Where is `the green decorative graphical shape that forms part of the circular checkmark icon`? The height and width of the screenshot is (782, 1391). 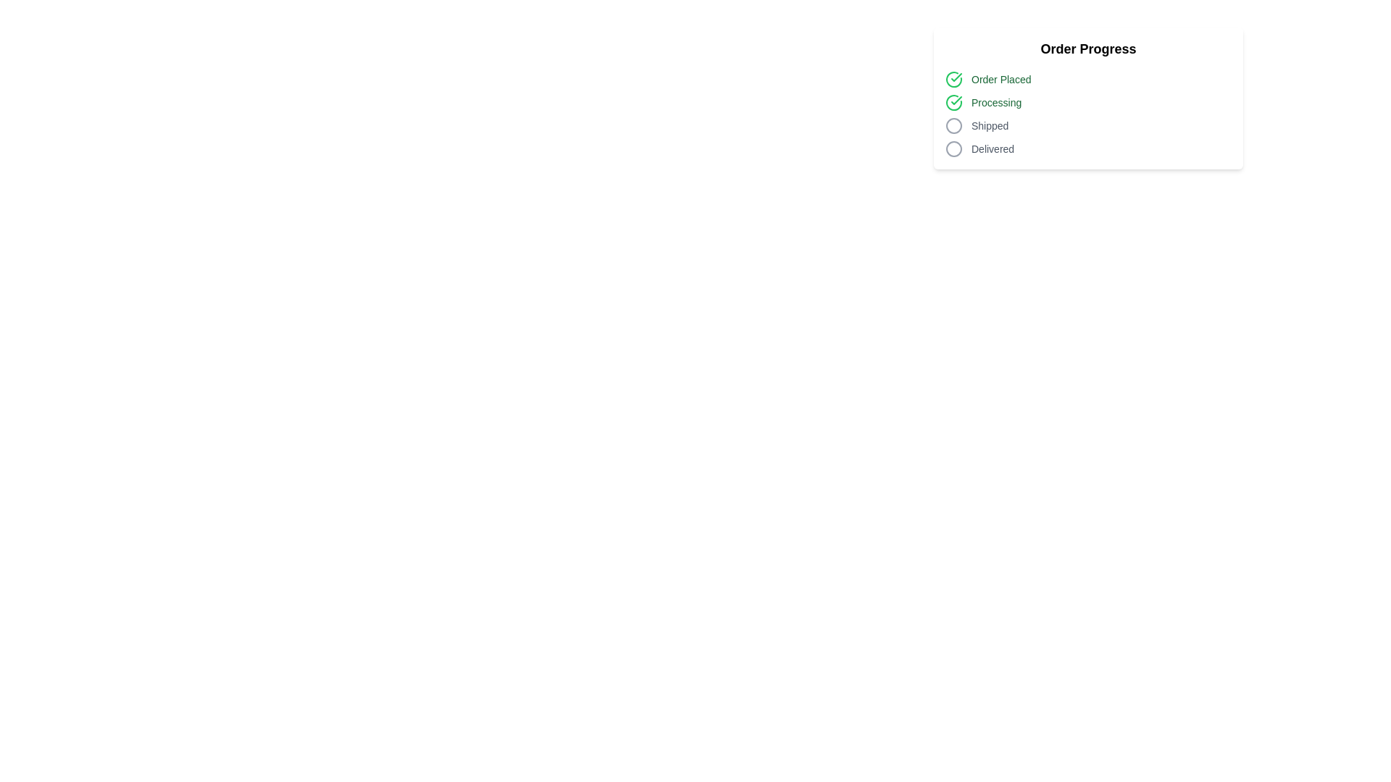 the green decorative graphical shape that forms part of the circular checkmark icon is located at coordinates (953, 102).